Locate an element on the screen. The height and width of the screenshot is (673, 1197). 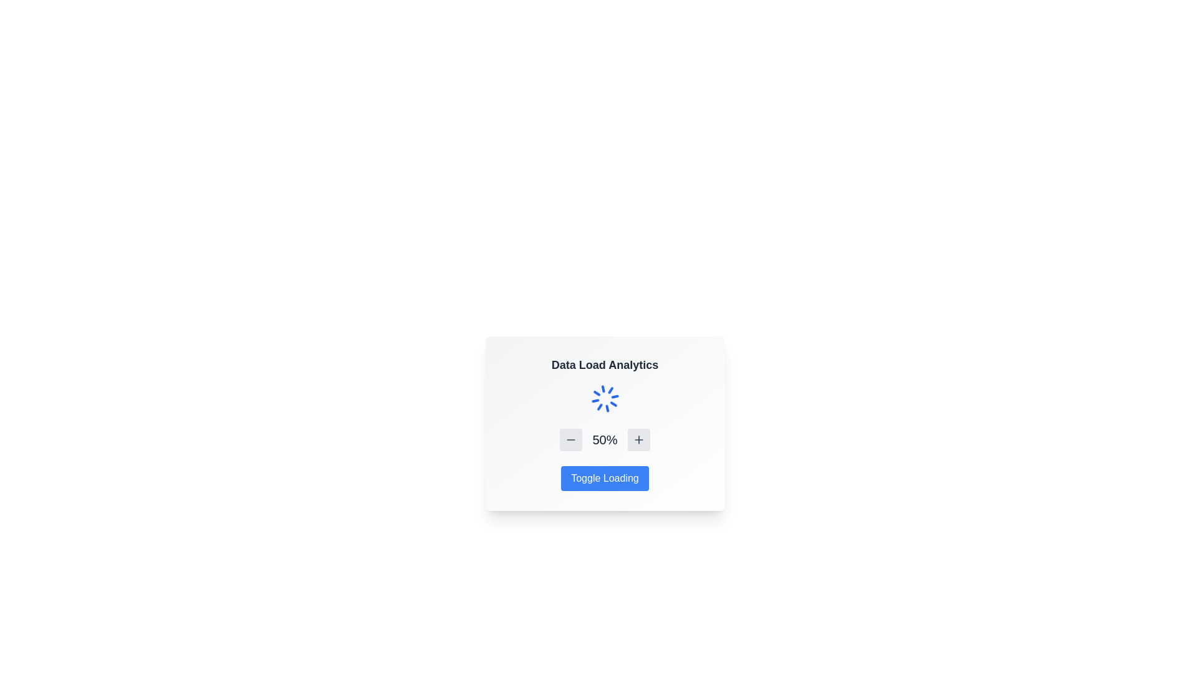
the small, square-shaped button with a gray background and a '+' symbol, located to the right of the '50%' text display is located at coordinates (638, 439).